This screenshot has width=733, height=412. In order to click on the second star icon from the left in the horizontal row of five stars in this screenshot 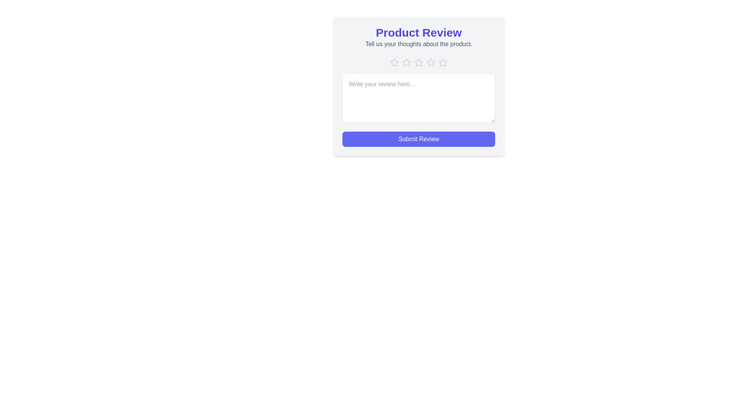, I will do `click(418, 62)`.